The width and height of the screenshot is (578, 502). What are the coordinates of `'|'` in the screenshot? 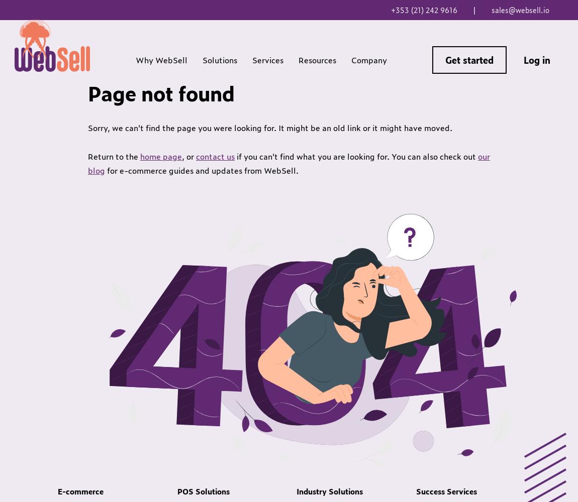 It's located at (474, 10).